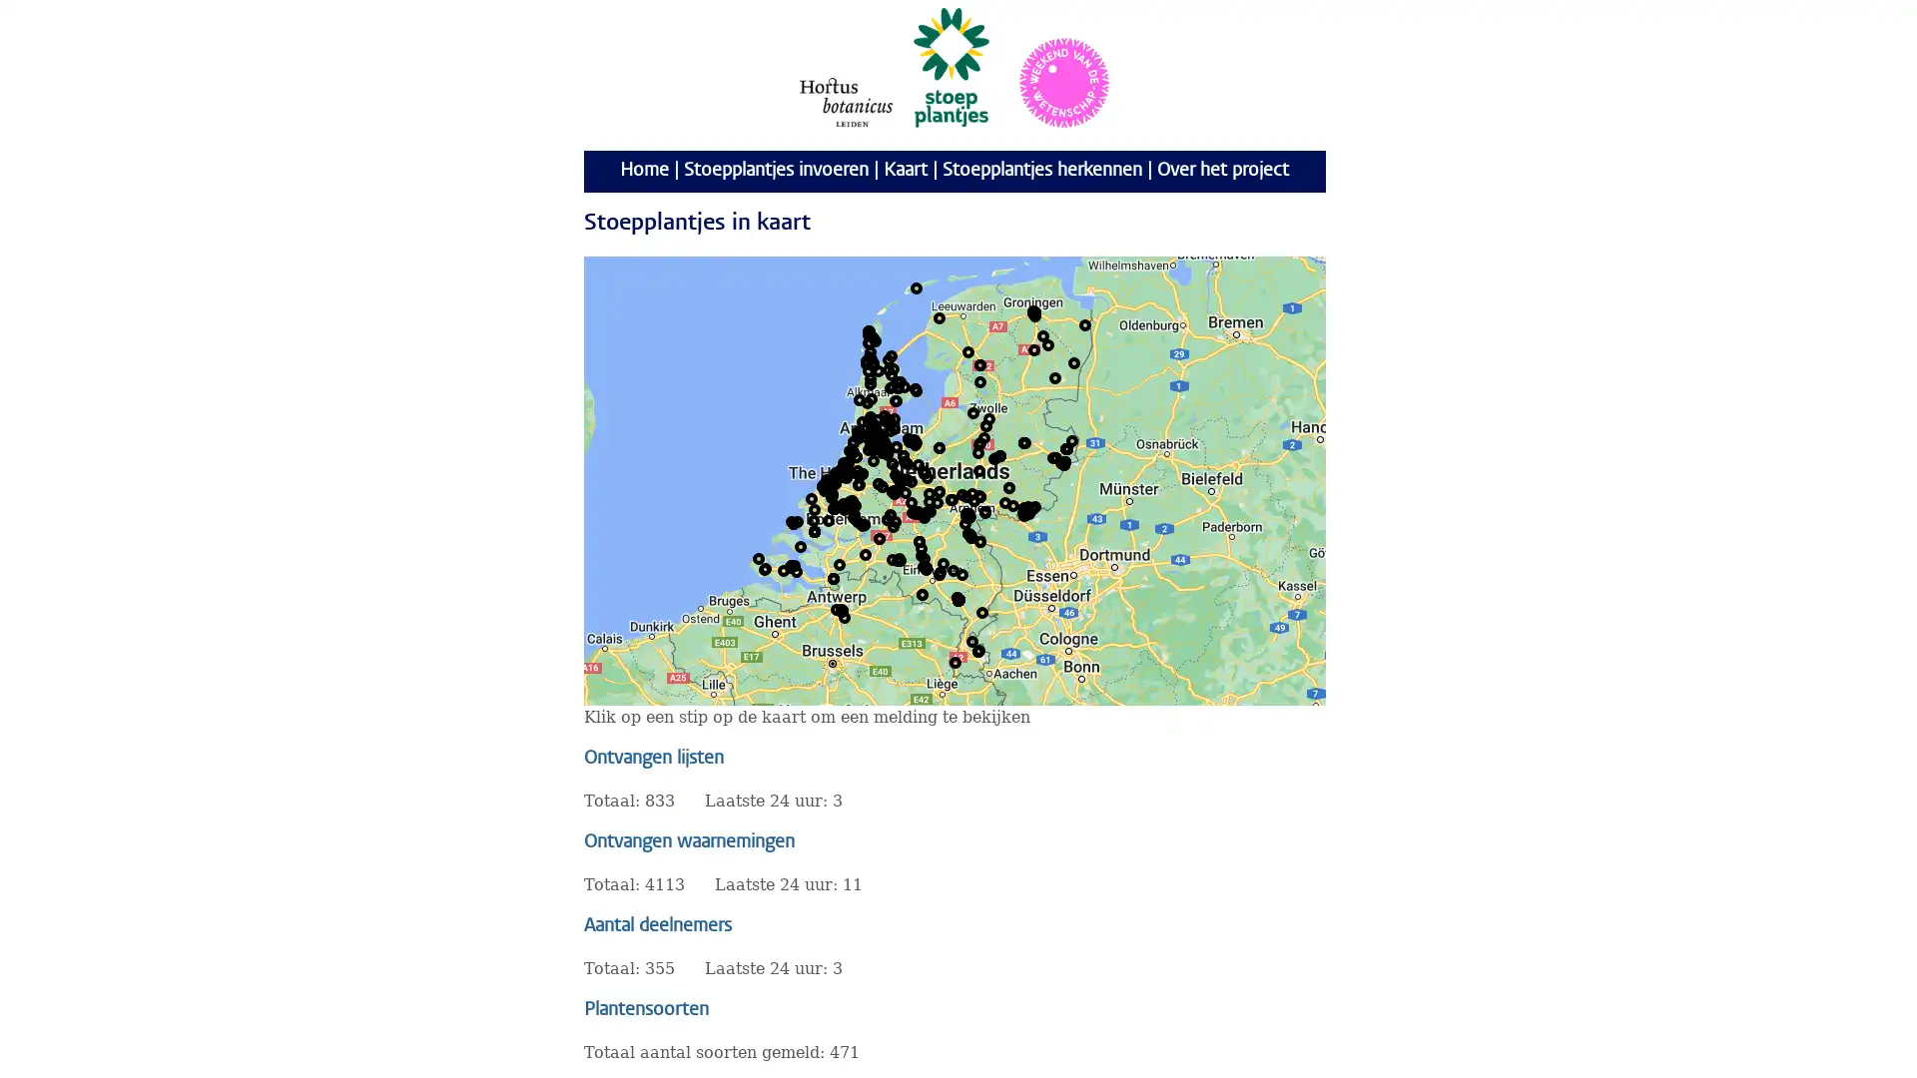  Describe the element at coordinates (922, 592) in the screenshot. I see `Telling van H Mark op 04 oktober 2021` at that location.